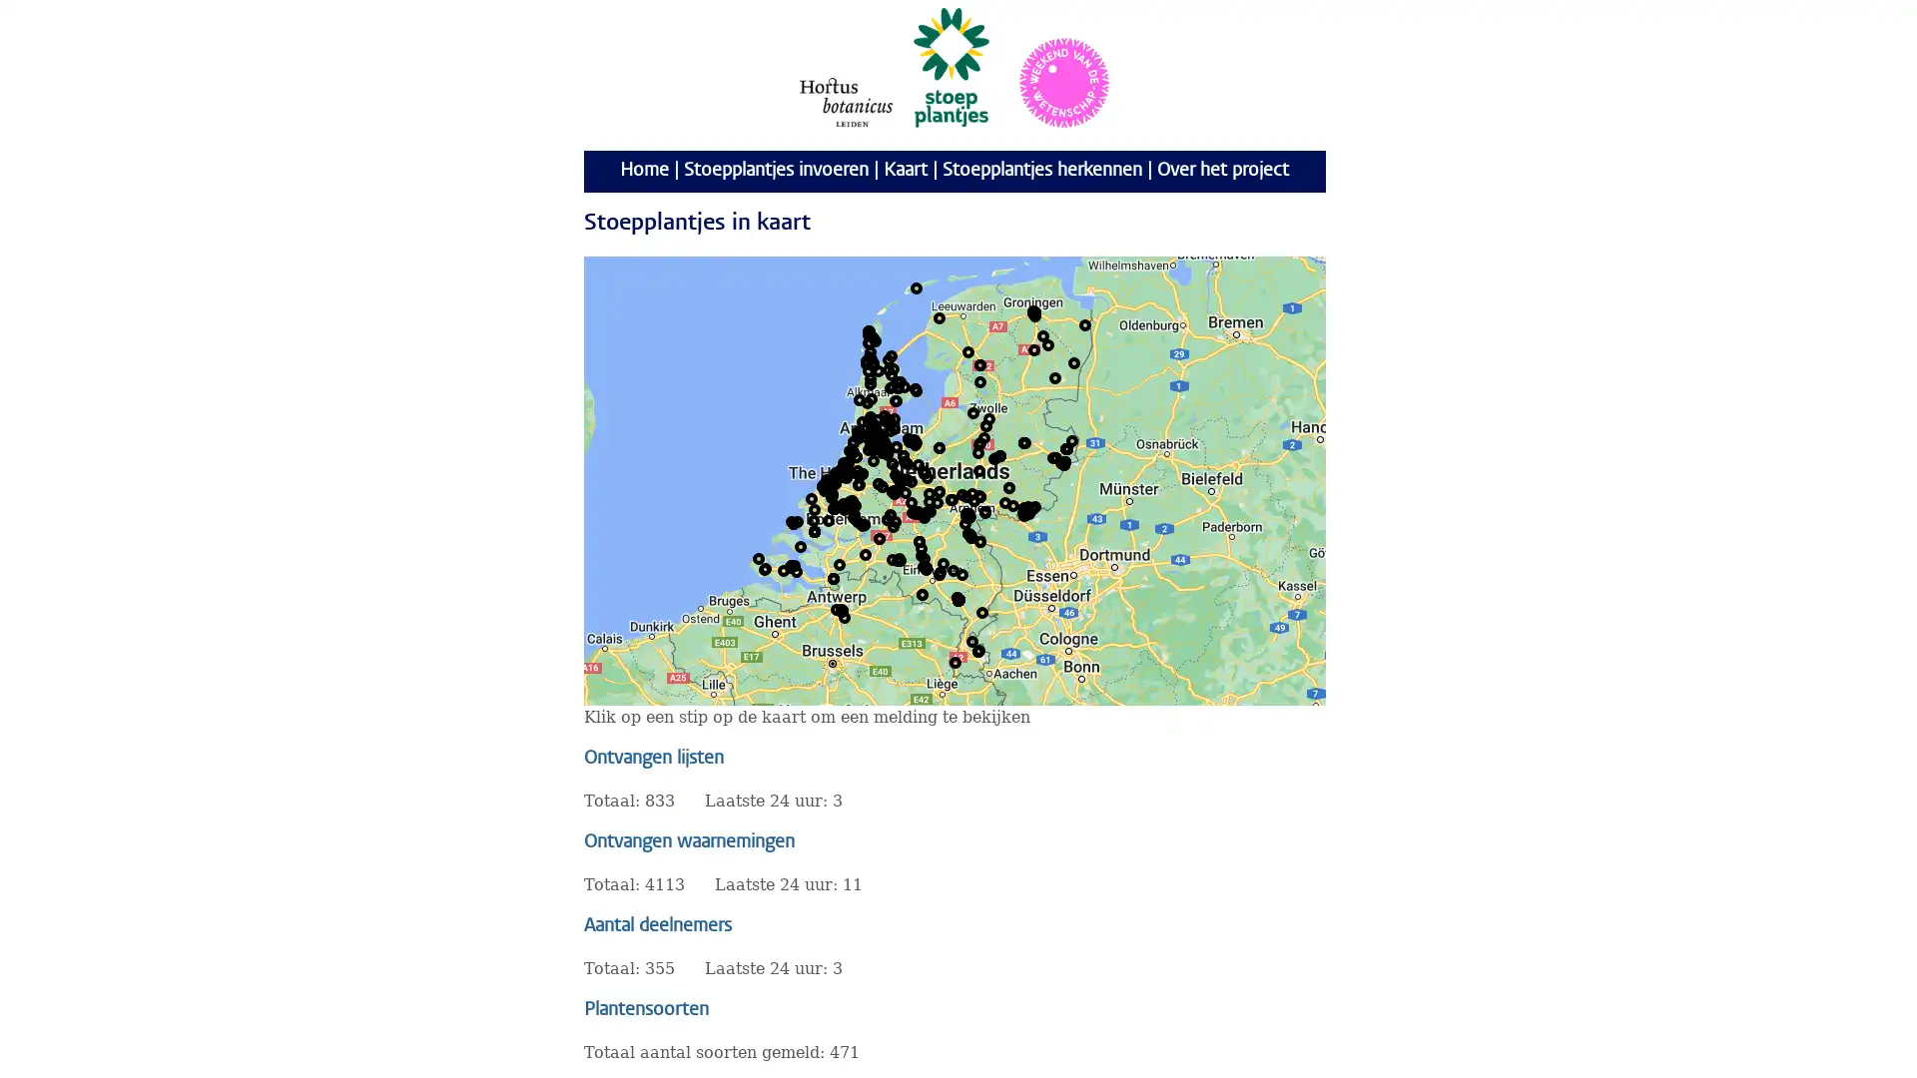  Describe the element at coordinates (922, 592) in the screenshot. I see `Telling van H Mark op 04 oktober 2021` at that location.